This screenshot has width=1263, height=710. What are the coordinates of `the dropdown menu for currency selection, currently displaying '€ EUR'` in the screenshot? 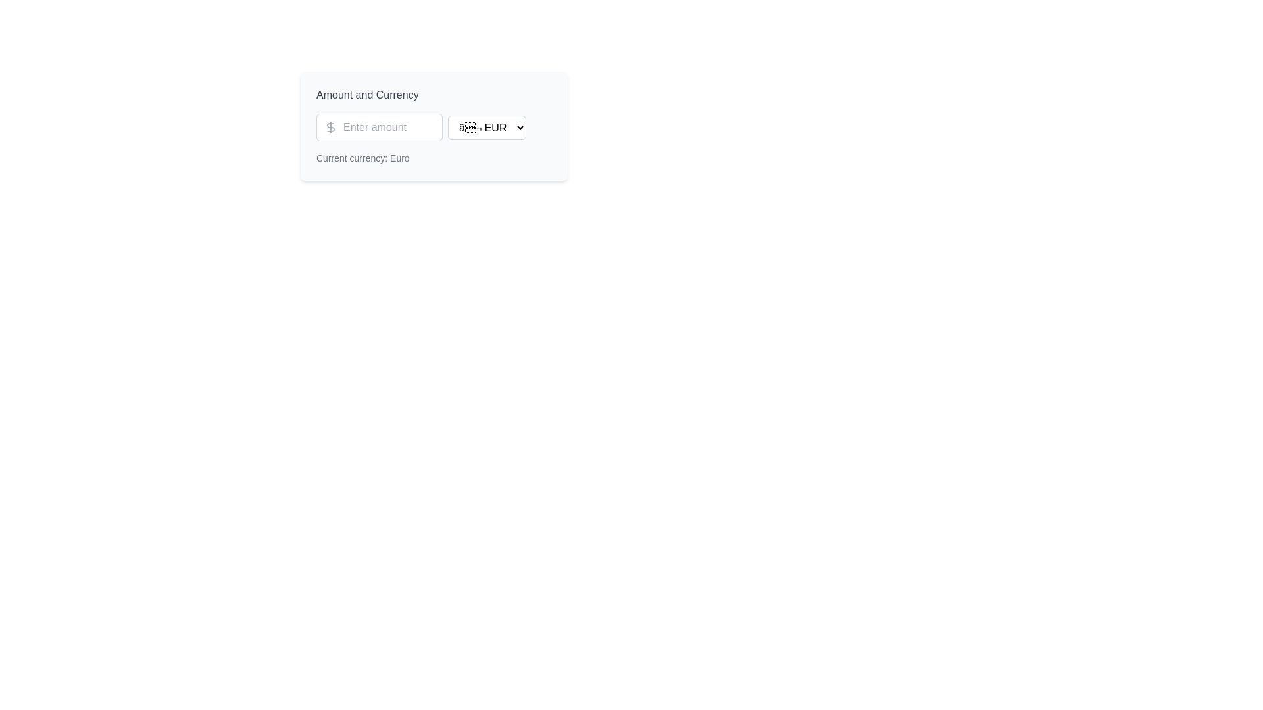 It's located at (486, 127).